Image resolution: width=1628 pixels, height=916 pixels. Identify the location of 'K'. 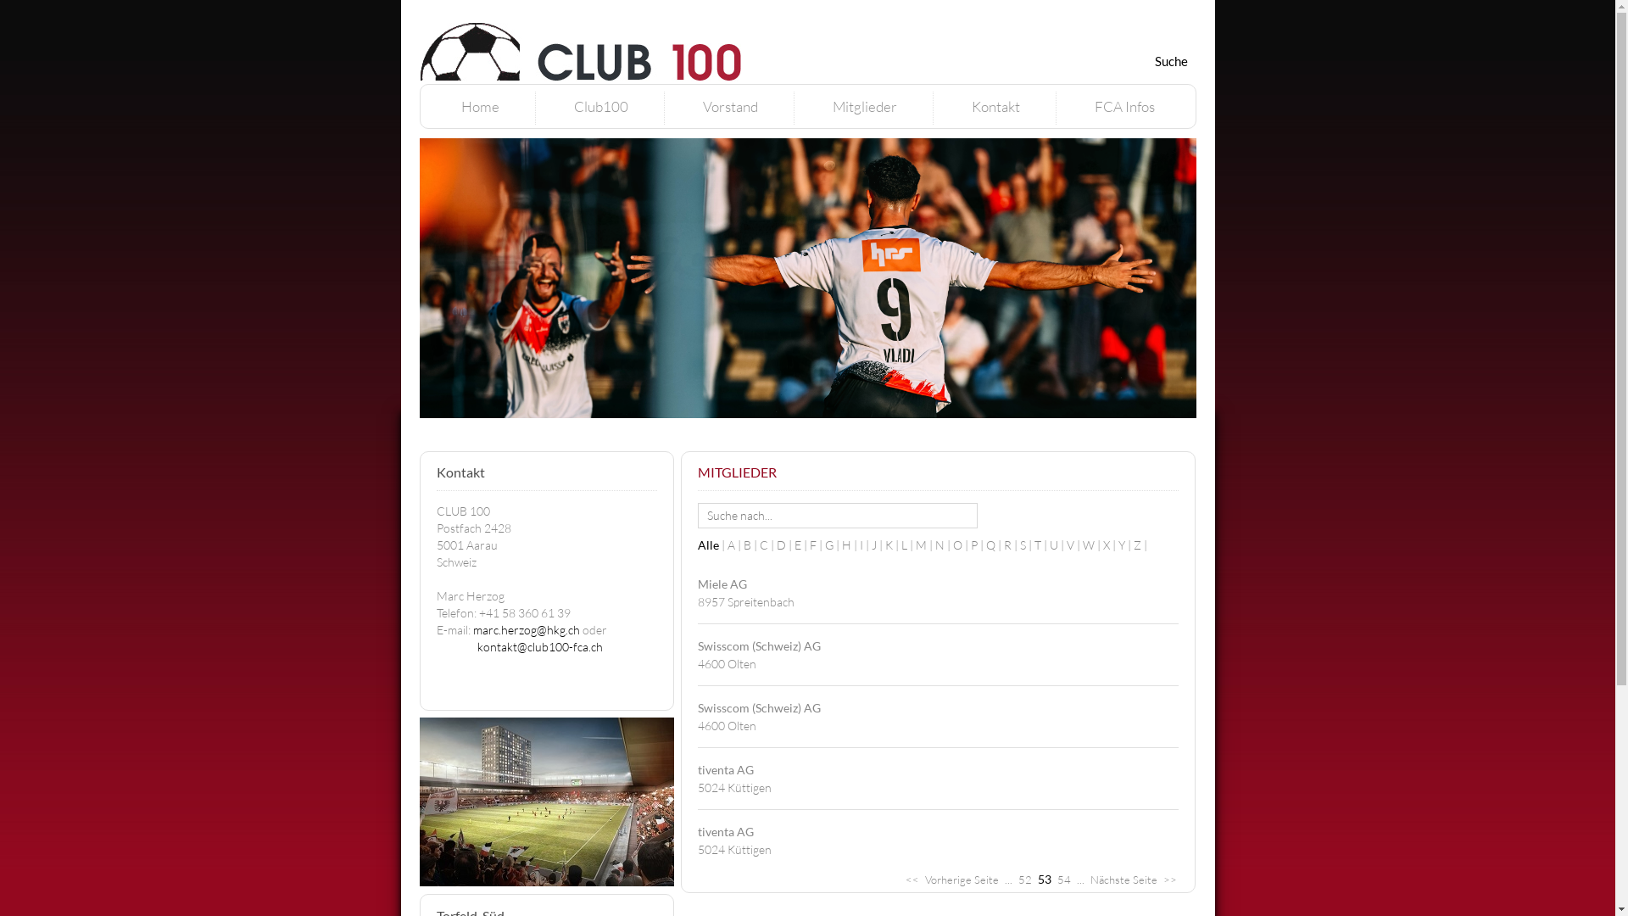
(892, 545).